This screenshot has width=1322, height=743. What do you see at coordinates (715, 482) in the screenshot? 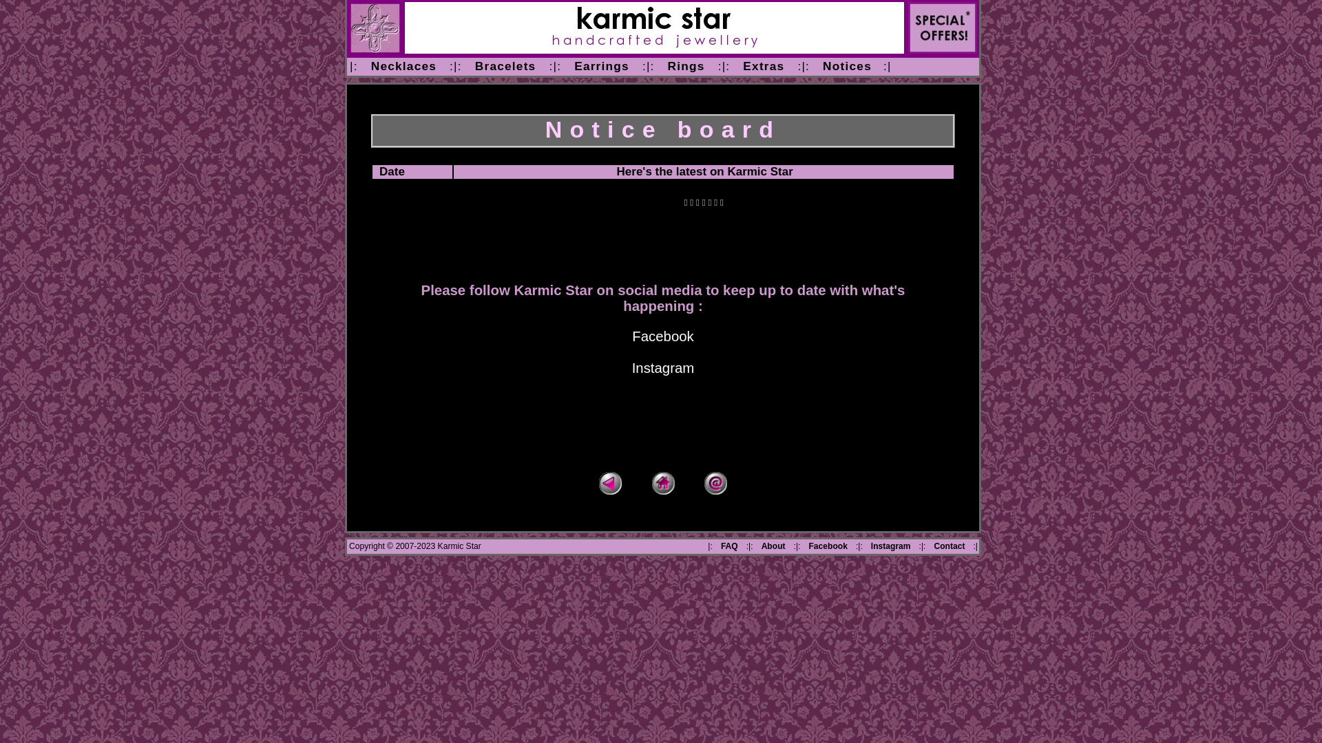
I see `'Email enquiry'` at bounding box center [715, 482].